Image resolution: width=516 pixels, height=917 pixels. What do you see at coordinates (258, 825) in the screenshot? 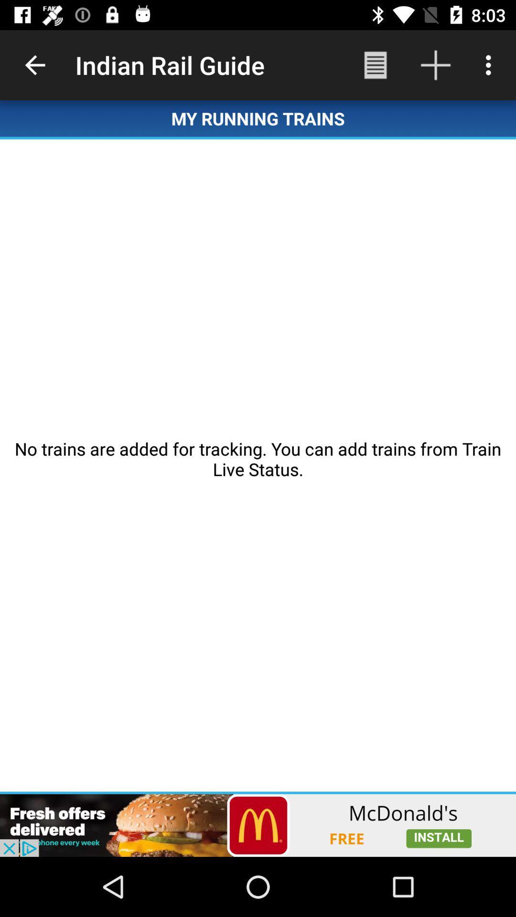
I see `open an advertisements` at bounding box center [258, 825].